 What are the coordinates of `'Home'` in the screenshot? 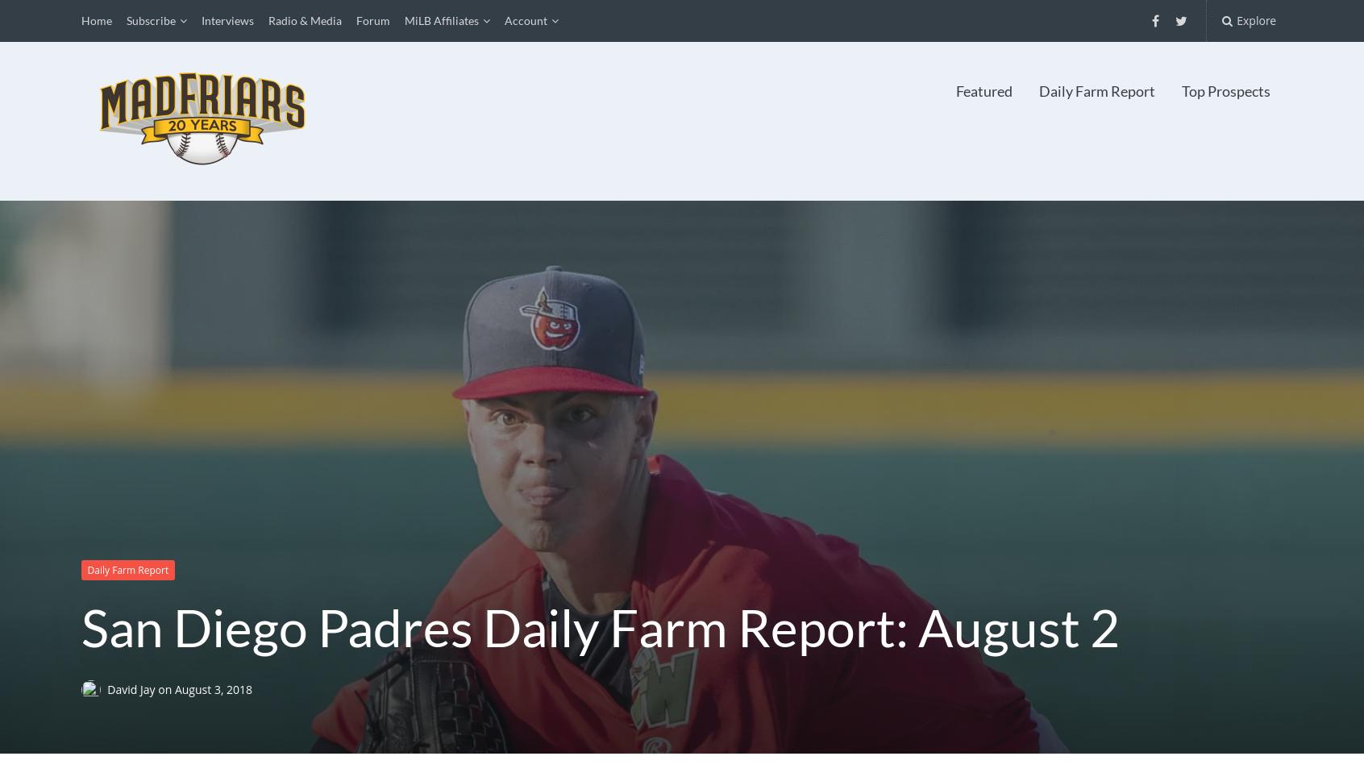 It's located at (95, 20).